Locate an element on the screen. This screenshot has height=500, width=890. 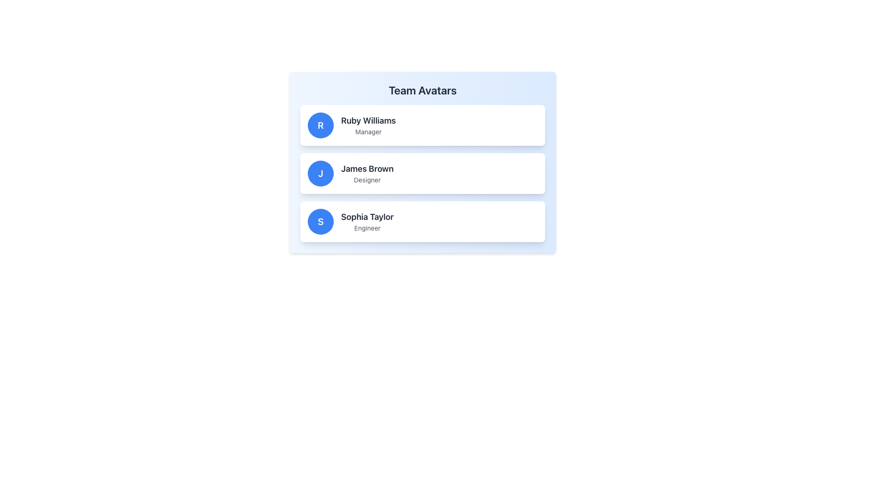
the text label displaying the name 'Sophia Taylor', which identifies an individual in the team context, located in the bottom card of the 'Team Avatars' group is located at coordinates (367, 217).